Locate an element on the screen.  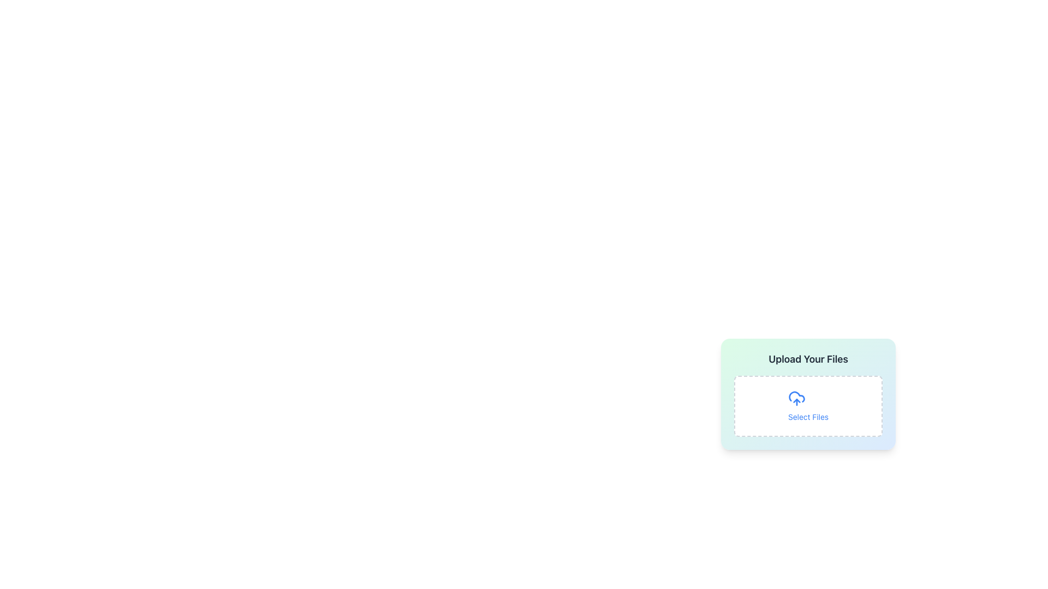
instructions in the File Upload Section, which contains the title 'Upload Your Files' and a dashed-border box for file selection is located at coordinates (808, 416).